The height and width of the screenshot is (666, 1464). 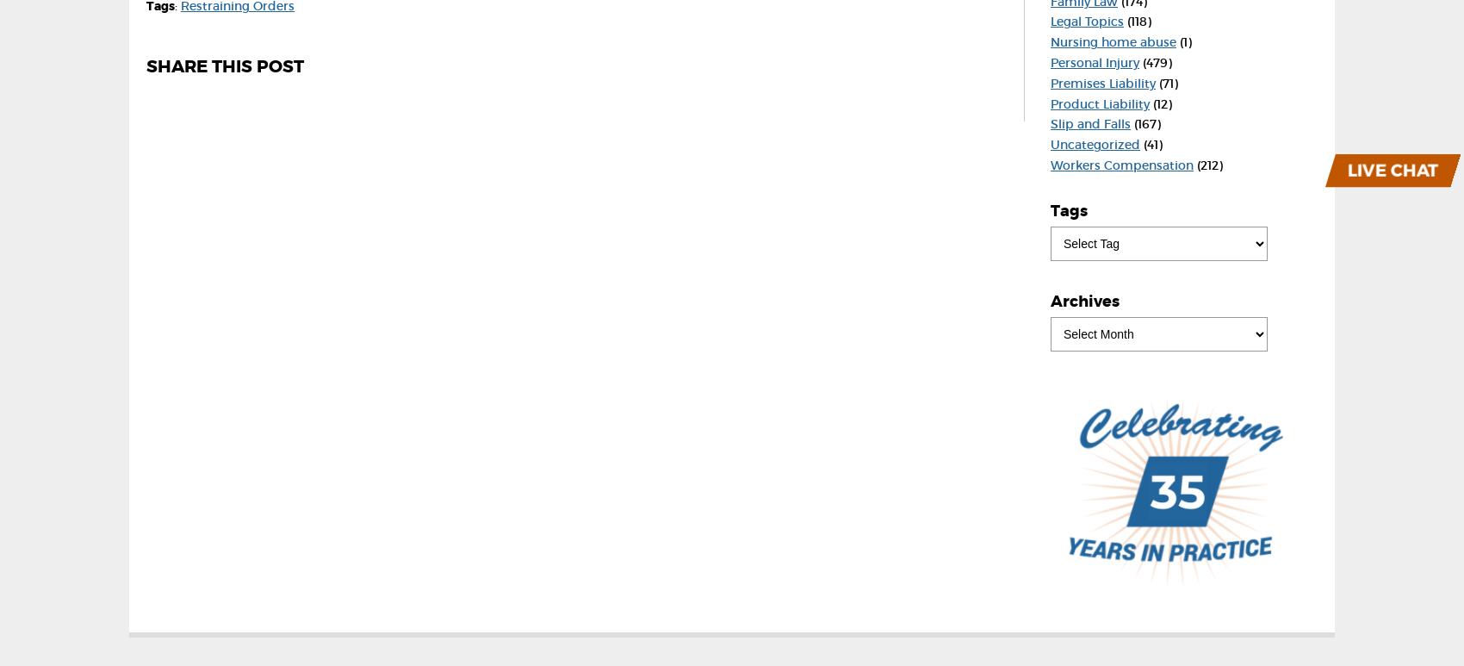 I want to click on 'Uncategorized', so click(x=1094, y=144).